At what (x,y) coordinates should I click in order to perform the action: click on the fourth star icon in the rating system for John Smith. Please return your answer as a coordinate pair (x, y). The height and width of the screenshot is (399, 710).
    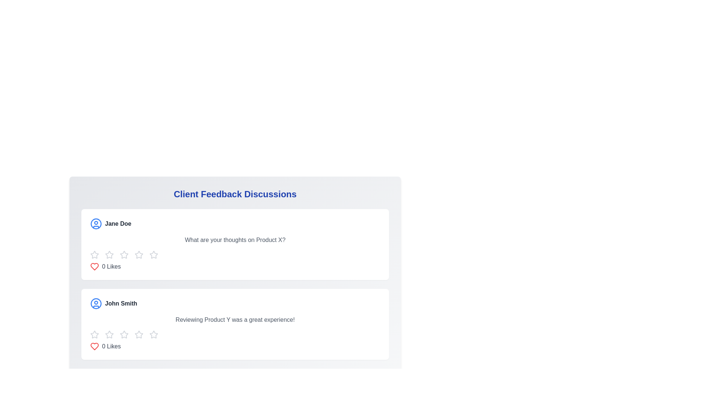
    Looking at the image, I should click on (124, 335).